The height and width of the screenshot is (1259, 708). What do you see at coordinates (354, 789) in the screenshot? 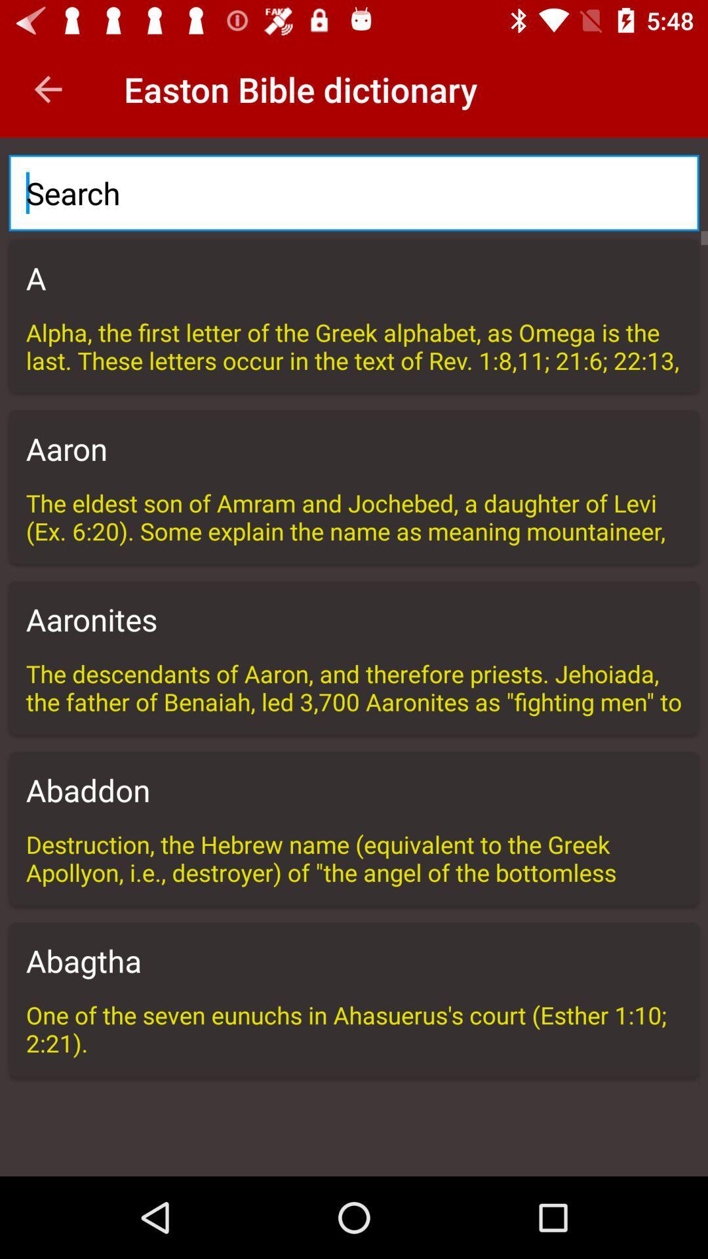
I see `abaddon item` at bounding box center [354, 789].